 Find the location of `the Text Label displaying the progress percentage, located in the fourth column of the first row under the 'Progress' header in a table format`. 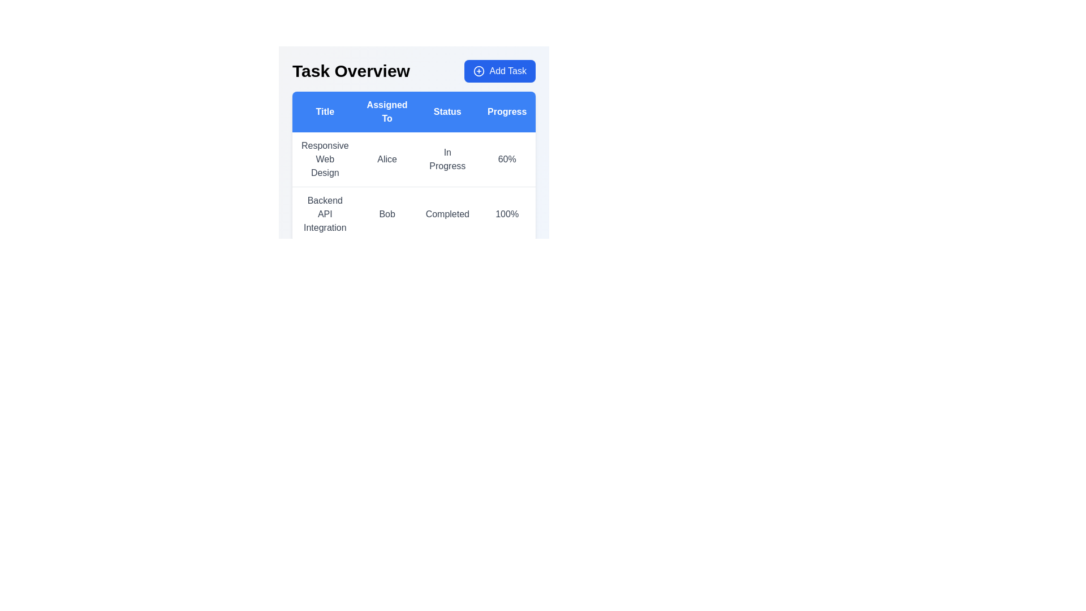

the Text Label displaying the progress percentage, located in the fourth column of the first row under the 'Progress' header in a table format is located at coordinates (506, 160).